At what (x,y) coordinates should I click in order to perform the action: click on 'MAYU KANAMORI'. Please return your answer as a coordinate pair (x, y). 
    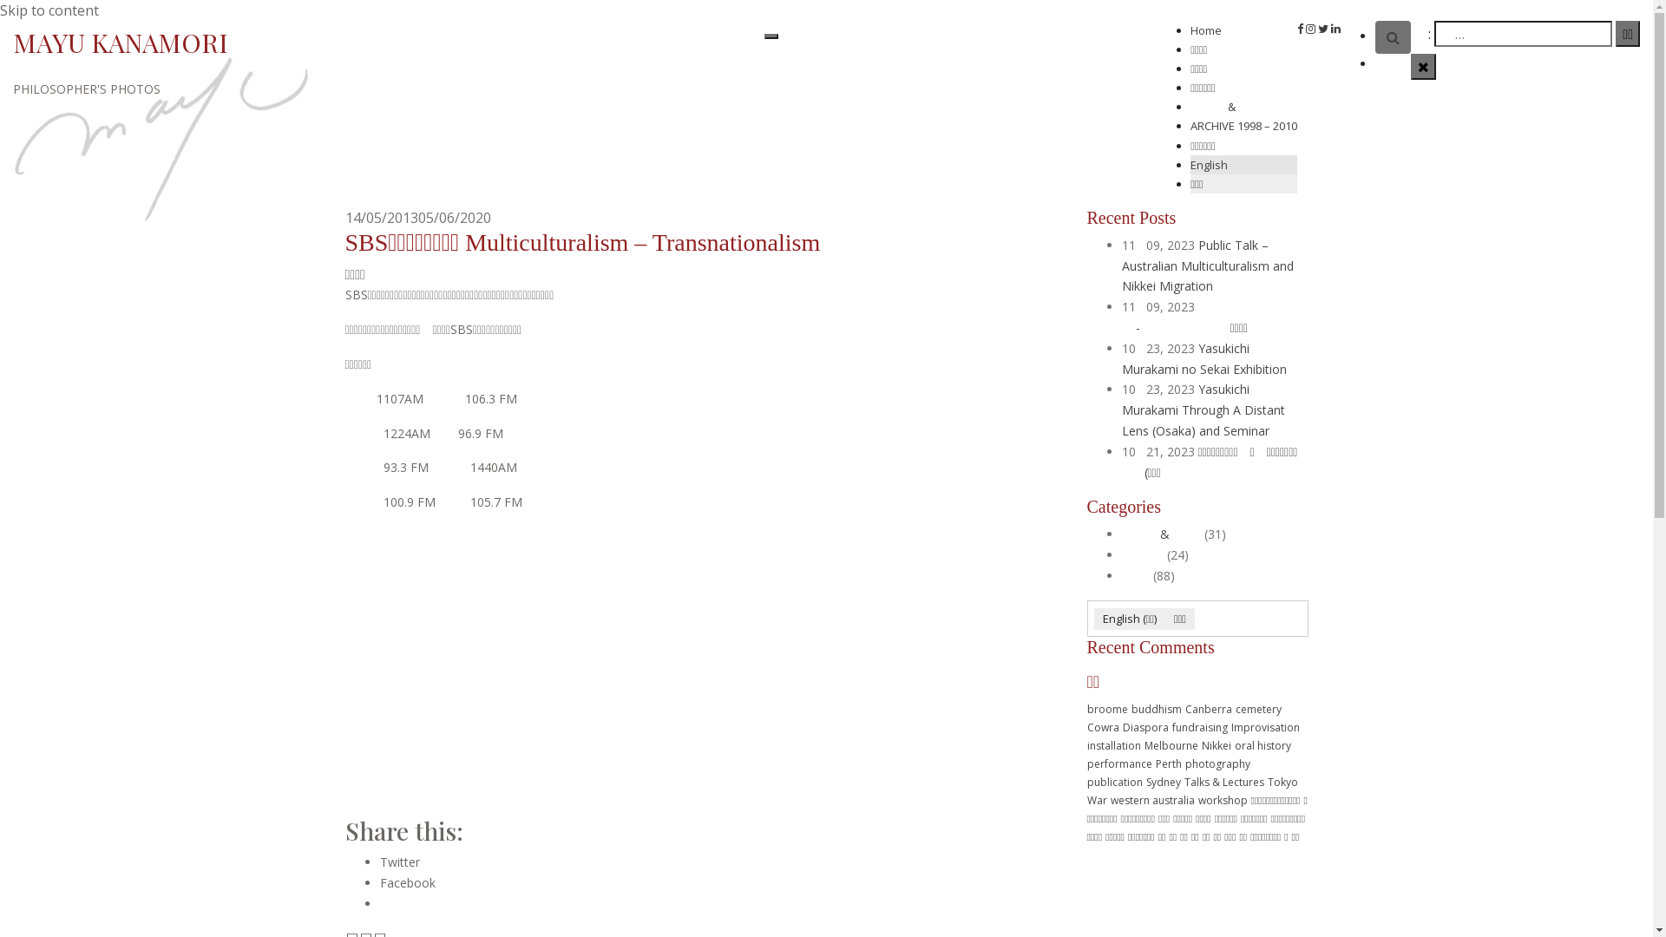
    Looking at the image, I should click on (12, 42).